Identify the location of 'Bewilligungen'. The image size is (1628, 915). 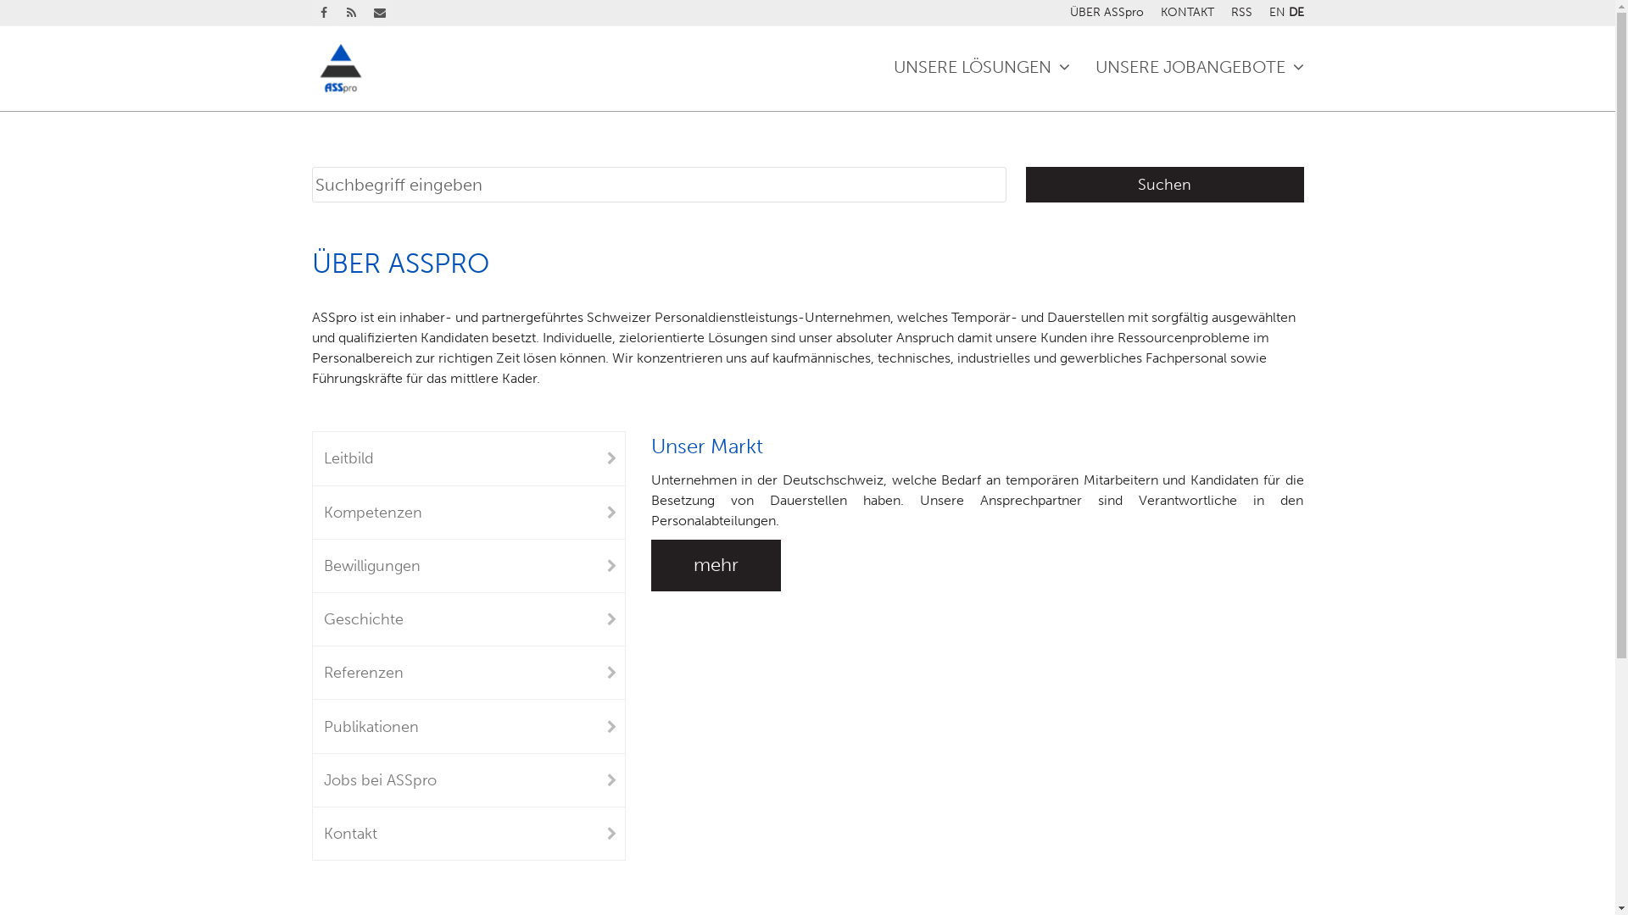
(468, 565).